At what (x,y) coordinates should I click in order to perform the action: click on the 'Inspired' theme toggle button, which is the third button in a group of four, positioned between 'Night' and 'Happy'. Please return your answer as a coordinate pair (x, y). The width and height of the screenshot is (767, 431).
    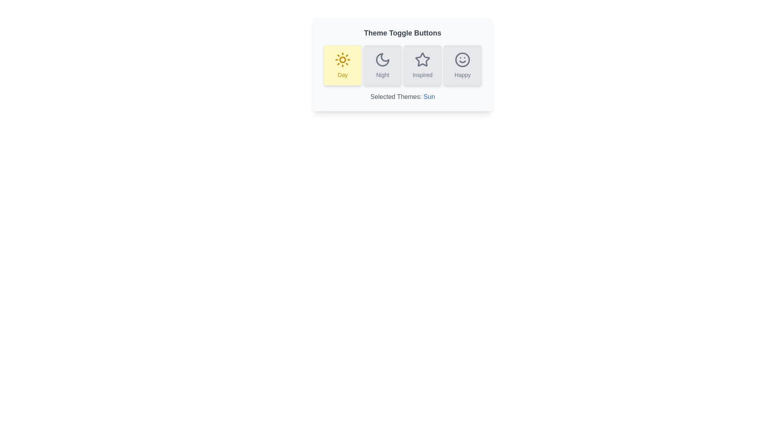
    Looking at the image, I should click on (422, 65).